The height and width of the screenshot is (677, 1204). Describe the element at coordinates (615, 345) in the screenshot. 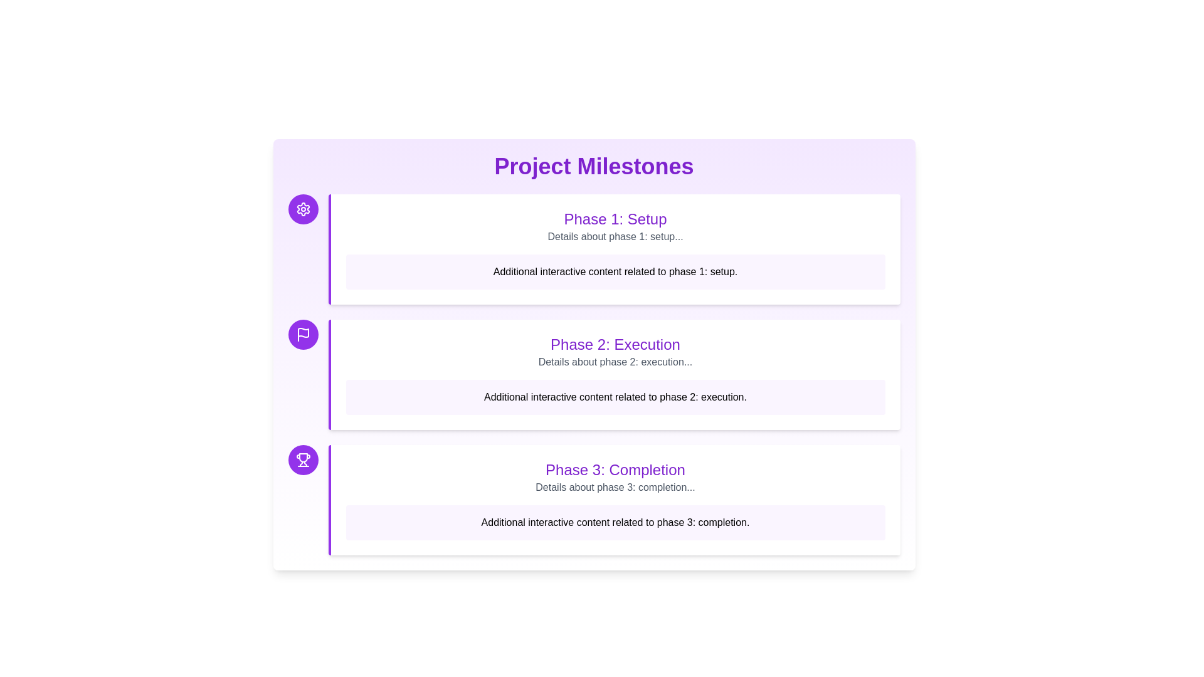

I see `text content of the heading 'Phase 2: Execution' styled with a large font in purple, located in the second milestone card` at that location.